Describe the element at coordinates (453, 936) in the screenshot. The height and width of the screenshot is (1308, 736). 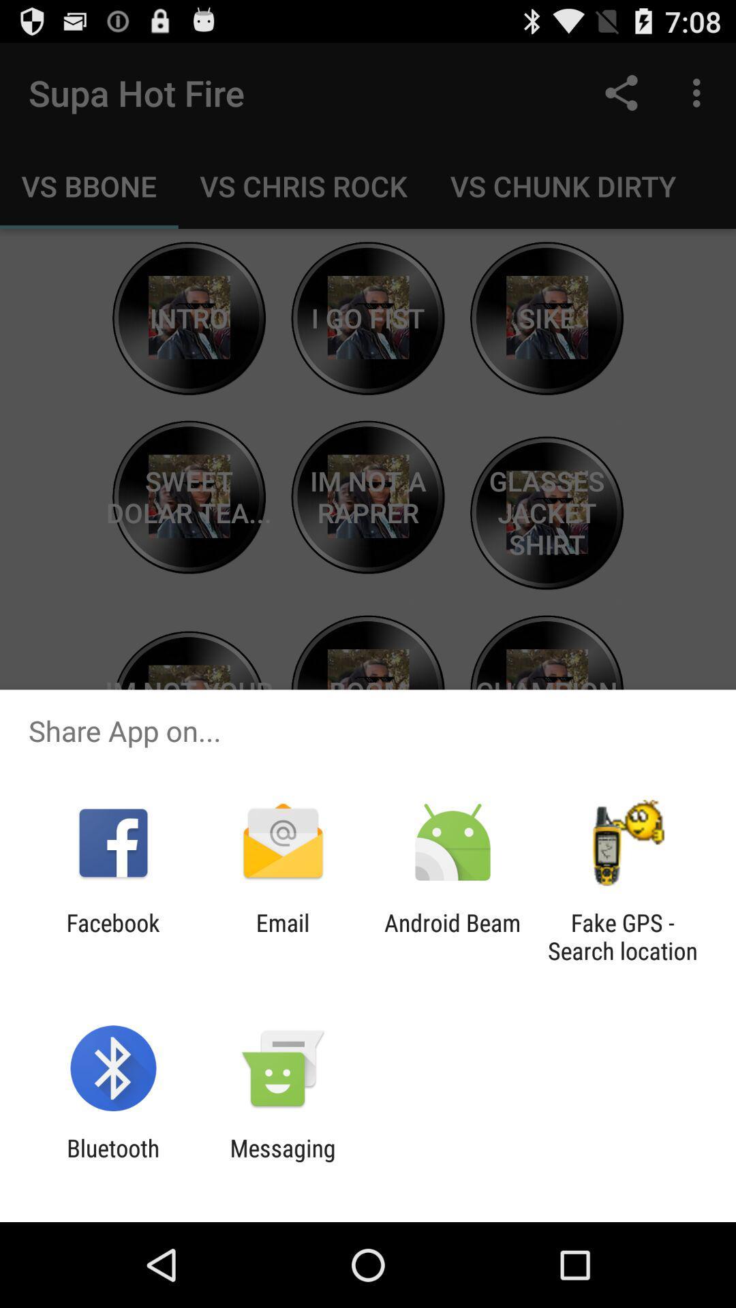
I see `the android beam icon` at that location.